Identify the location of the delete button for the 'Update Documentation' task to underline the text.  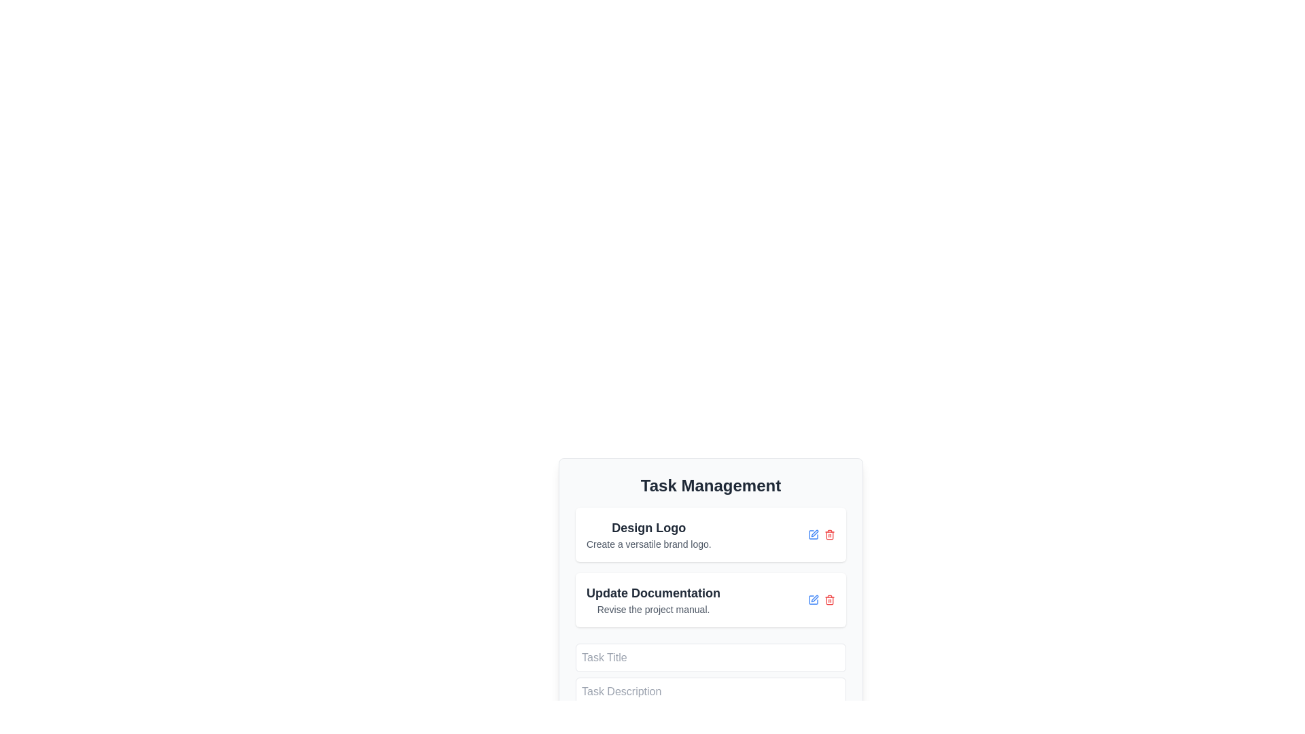
(829, 599).